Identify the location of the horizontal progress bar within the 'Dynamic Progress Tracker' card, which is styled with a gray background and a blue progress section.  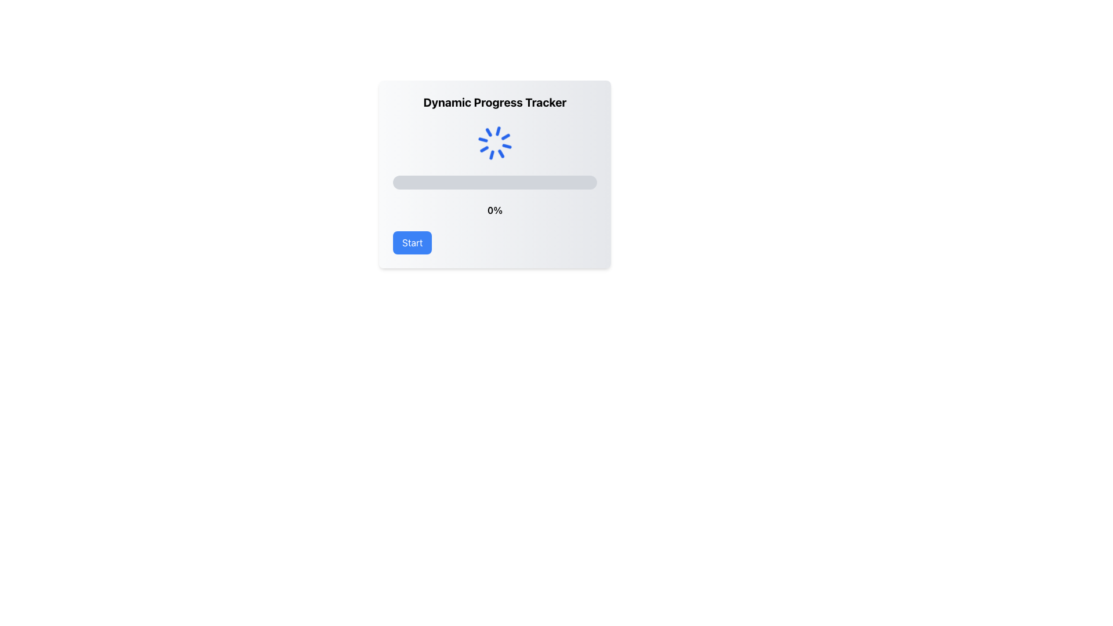
(495, 183).